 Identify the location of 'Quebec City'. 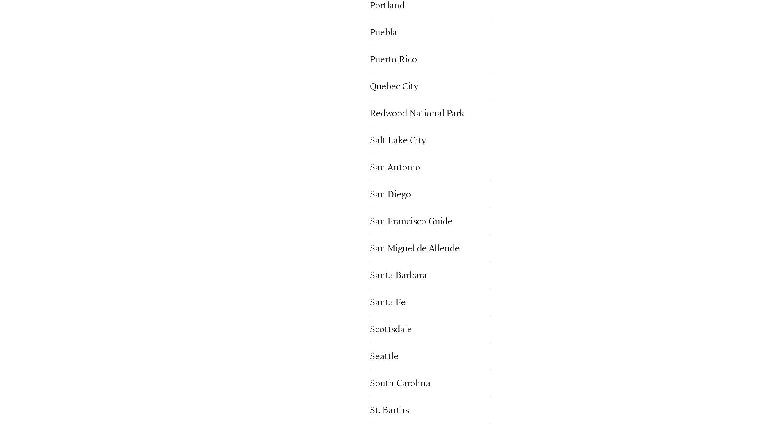
(393, 85).